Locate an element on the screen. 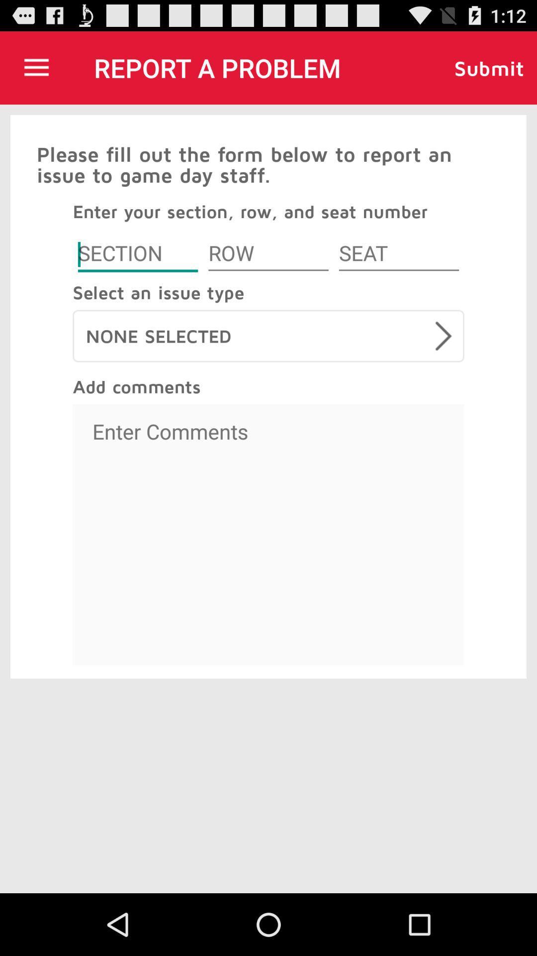 The image size is (537, 956). seat number is located at coordinates (398, 255).